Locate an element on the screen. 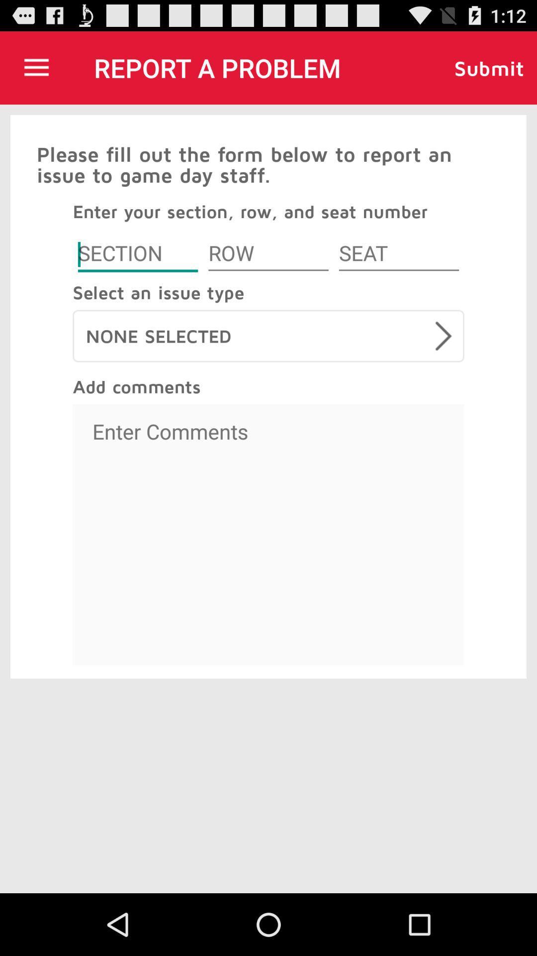 The image size is (537, 956). seat number is located at coordinates (398, 255).